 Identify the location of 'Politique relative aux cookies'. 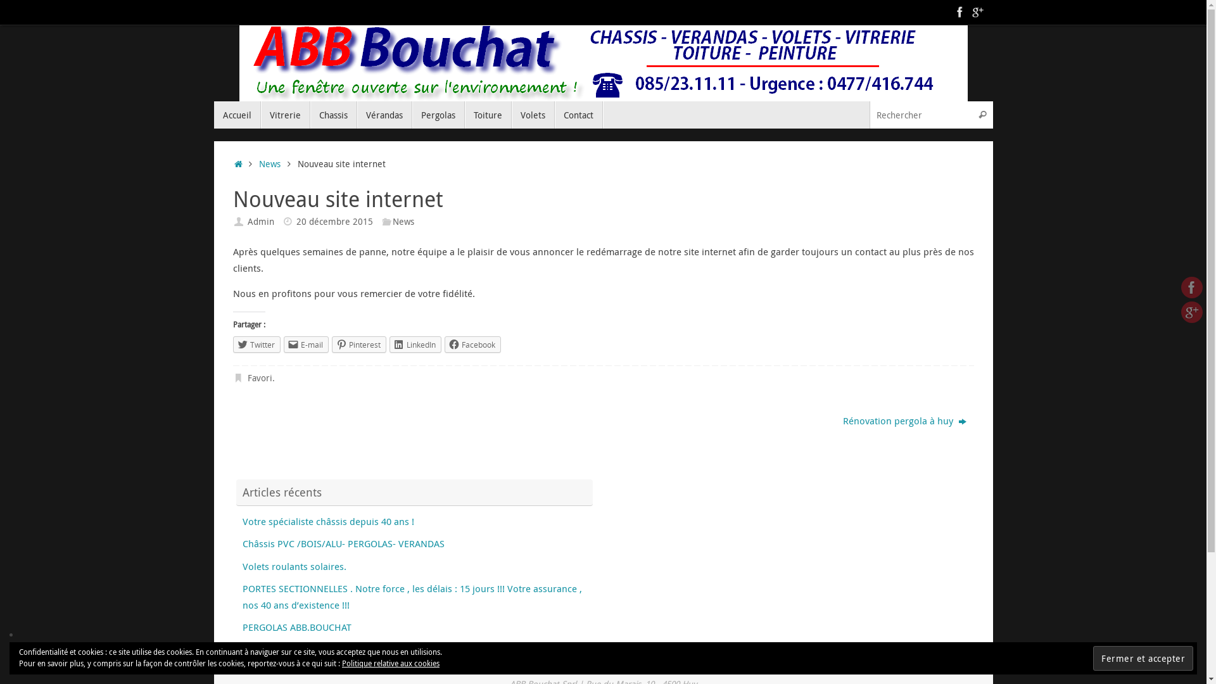
(341, 662).